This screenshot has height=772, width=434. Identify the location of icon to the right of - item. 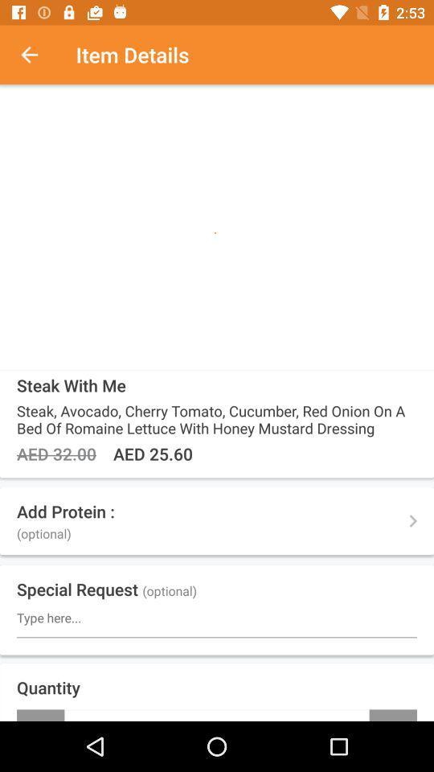
(392, 714).